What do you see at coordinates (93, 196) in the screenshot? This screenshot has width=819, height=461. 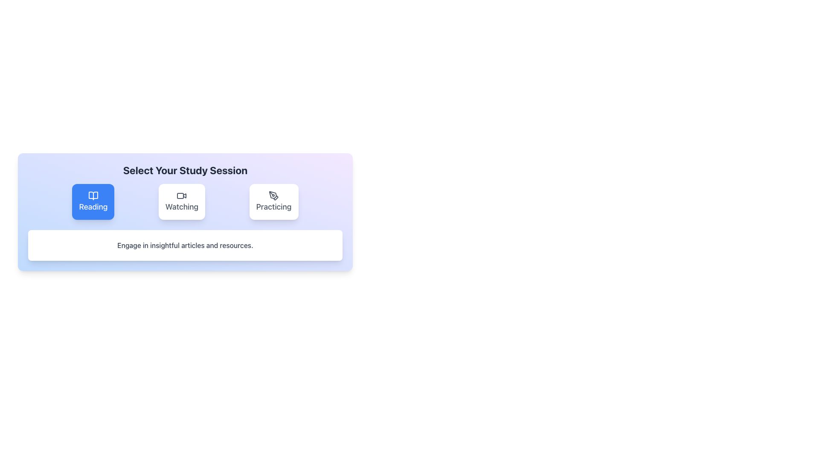 I see `the SVG icon element depicting an open book, which is part of the blue square button labeled 'Reading' in the 'Select Your Study Session' section` at bounding box center [93, 196].